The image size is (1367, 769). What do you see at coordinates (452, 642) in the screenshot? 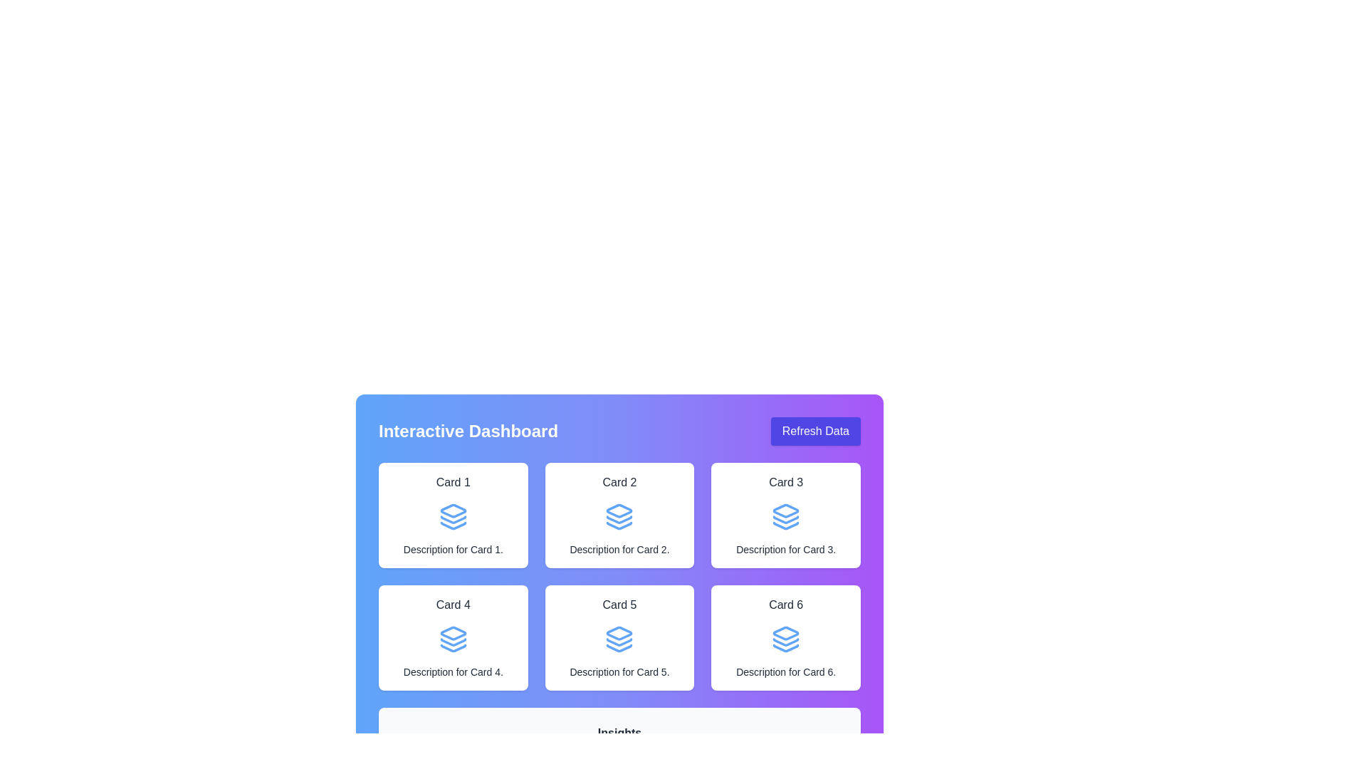
I see `the middle layer of the stylized layered icon located within 'Card 4' in the second row, first column of the grid layout` at bounding box center [452, 642].